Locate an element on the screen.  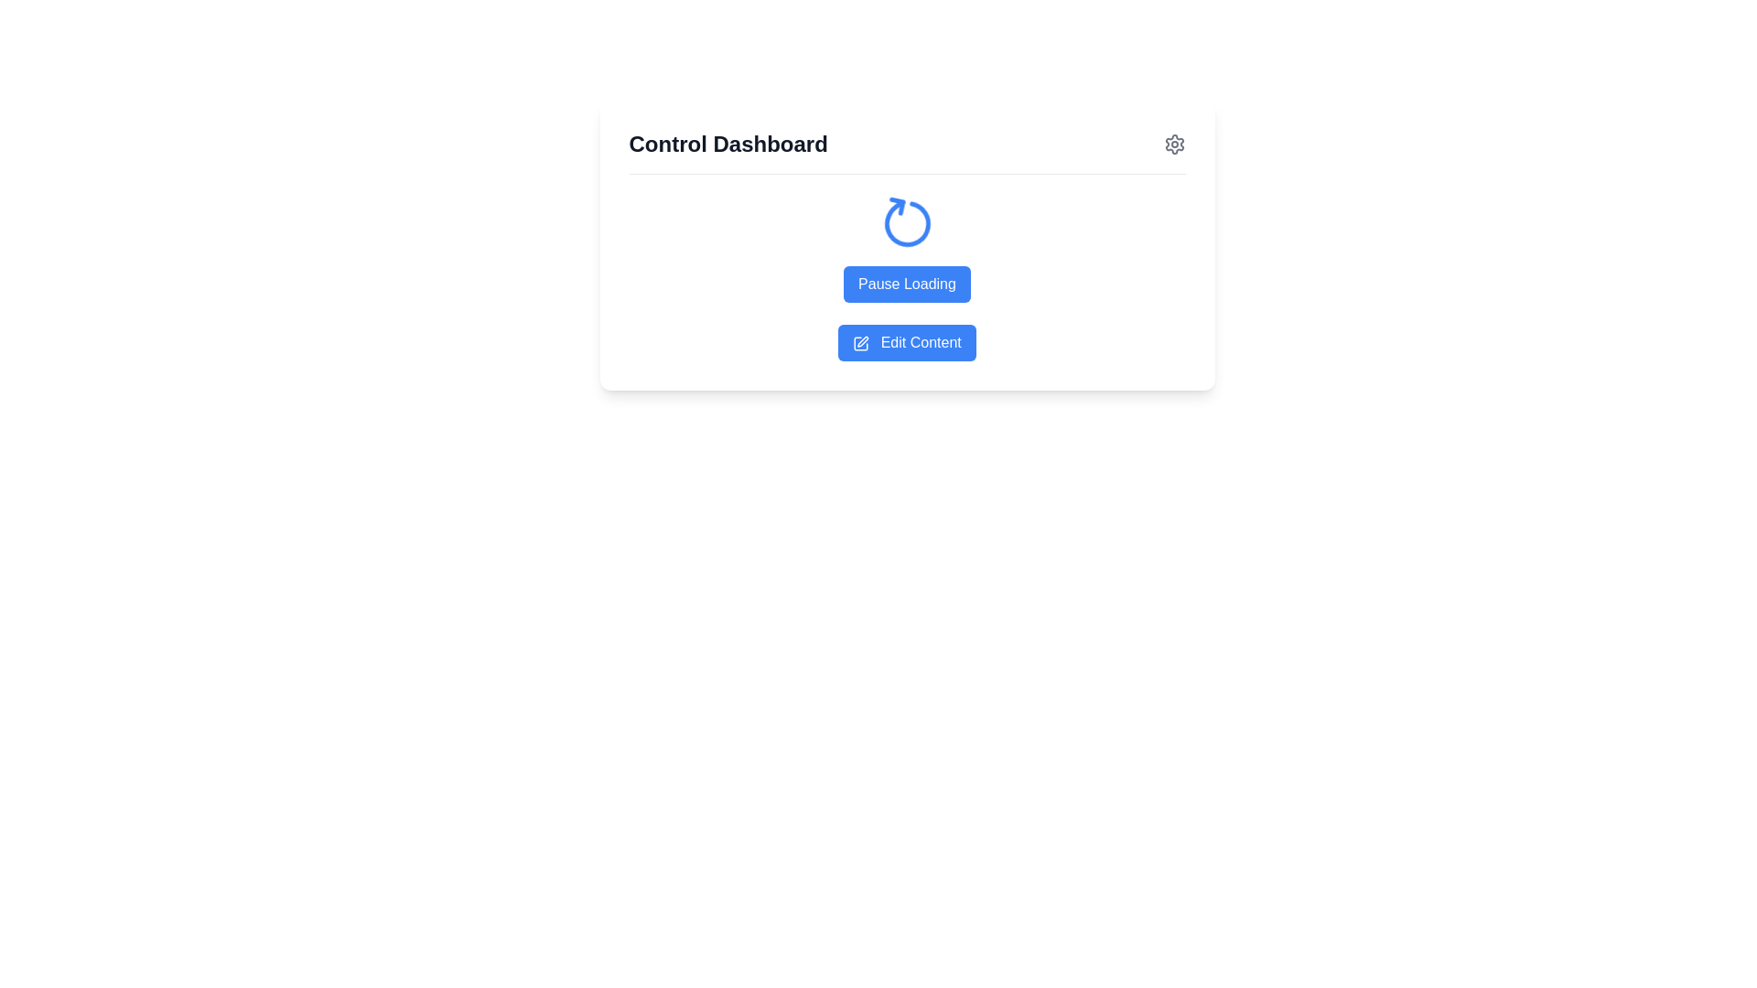
the 'Edit Content' button, which is a rectangular button with a blue background, white text, and a pen icon, located directly below the 'Pause Loading' button is located at coordinates (907, 342).